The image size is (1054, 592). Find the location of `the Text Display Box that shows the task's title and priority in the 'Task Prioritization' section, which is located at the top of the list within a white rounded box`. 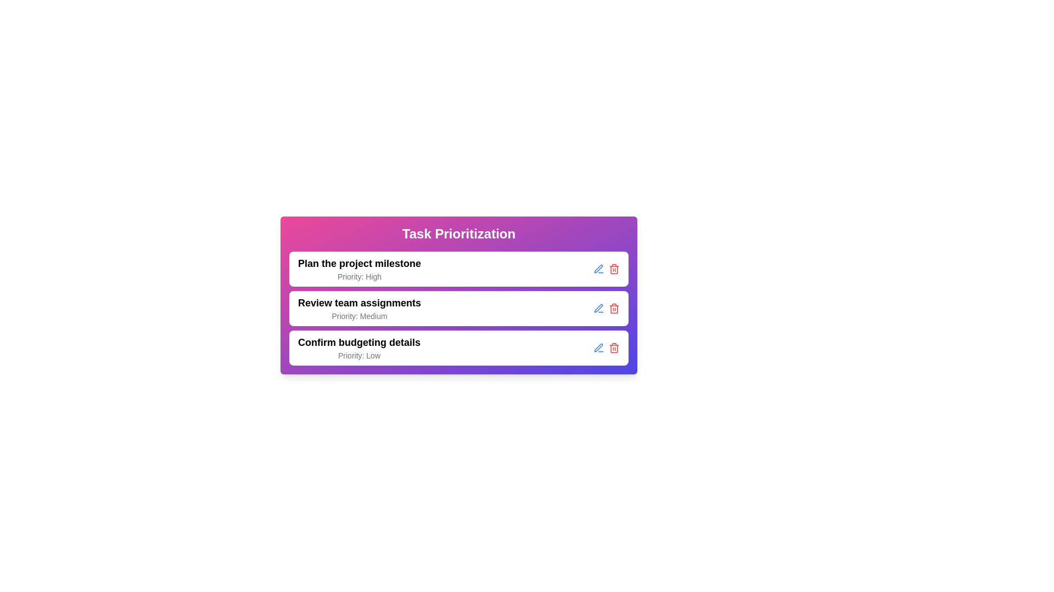

the Text Display Box that shows the task's title and priority in the 'Task Prioritization' section, which is located at the top of the list within a white rounded box is located at coordinates (360, 269).